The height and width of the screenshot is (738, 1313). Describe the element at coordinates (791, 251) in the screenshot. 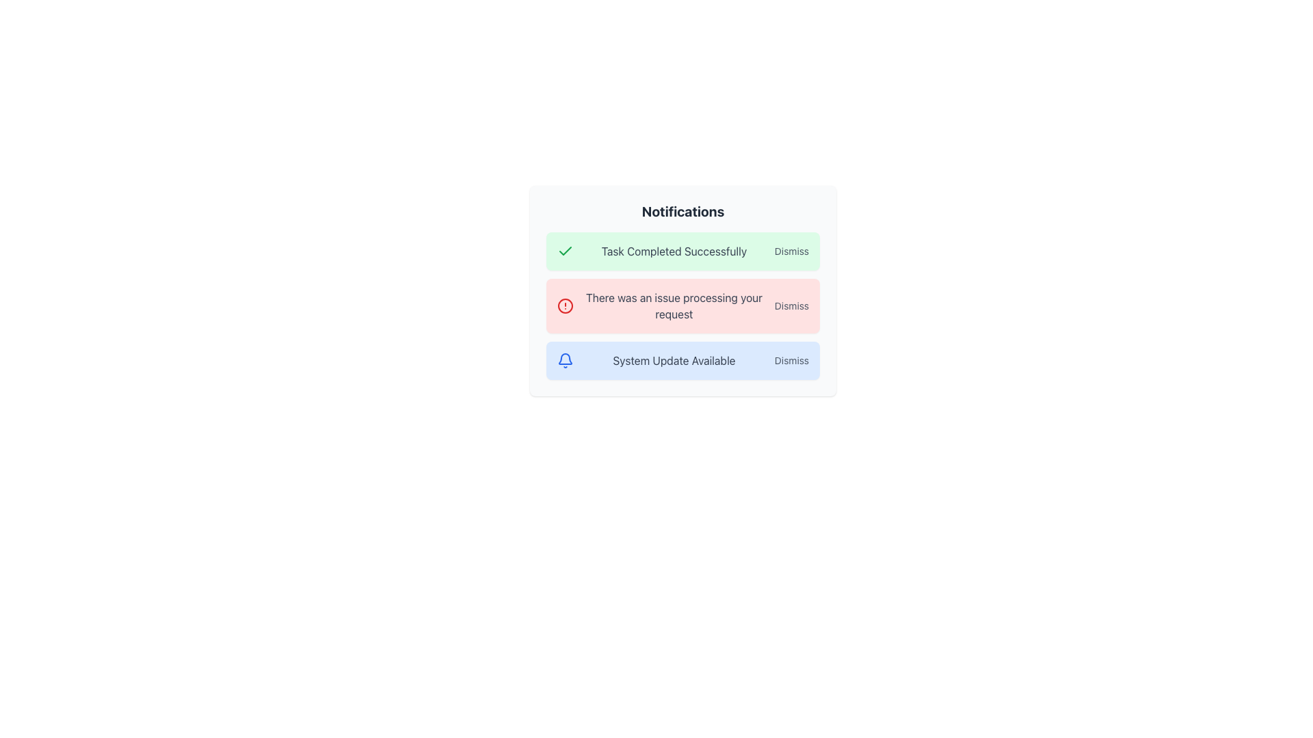

I see `the 'Dismiss' button at the end of the first notification card` at that location.